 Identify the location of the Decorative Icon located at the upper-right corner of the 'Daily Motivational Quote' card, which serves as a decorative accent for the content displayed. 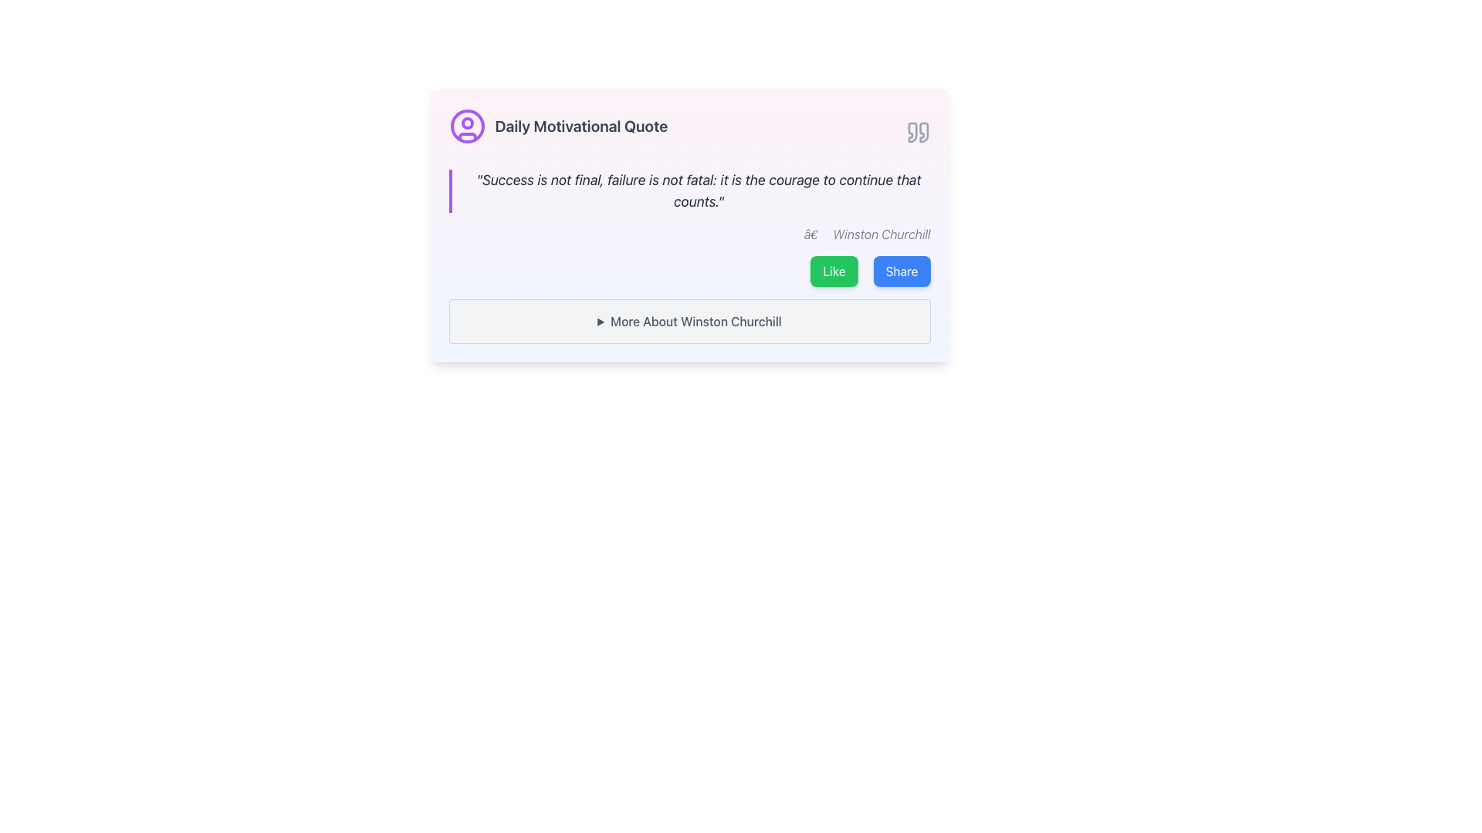
(918, 132).